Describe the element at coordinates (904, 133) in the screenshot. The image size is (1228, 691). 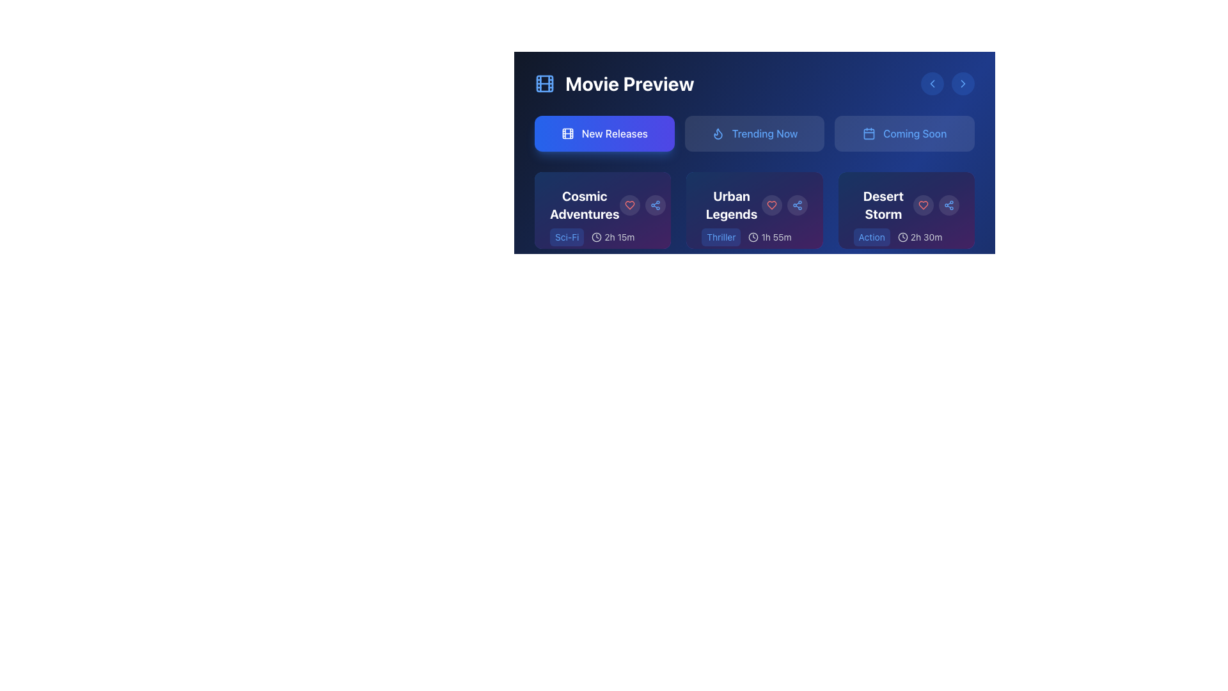
I see `the 'Coming Soon' button, which is a rectangular button with rounded corners, featuring a calendar icon and blue text, located towards the right side of the interface` at that location.